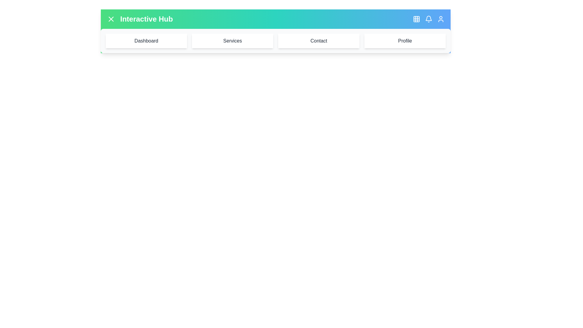 The image size is (583, 328). Describe the element at coordinates (441, 19) in the screenshot. I see `the user icon button` at that location.